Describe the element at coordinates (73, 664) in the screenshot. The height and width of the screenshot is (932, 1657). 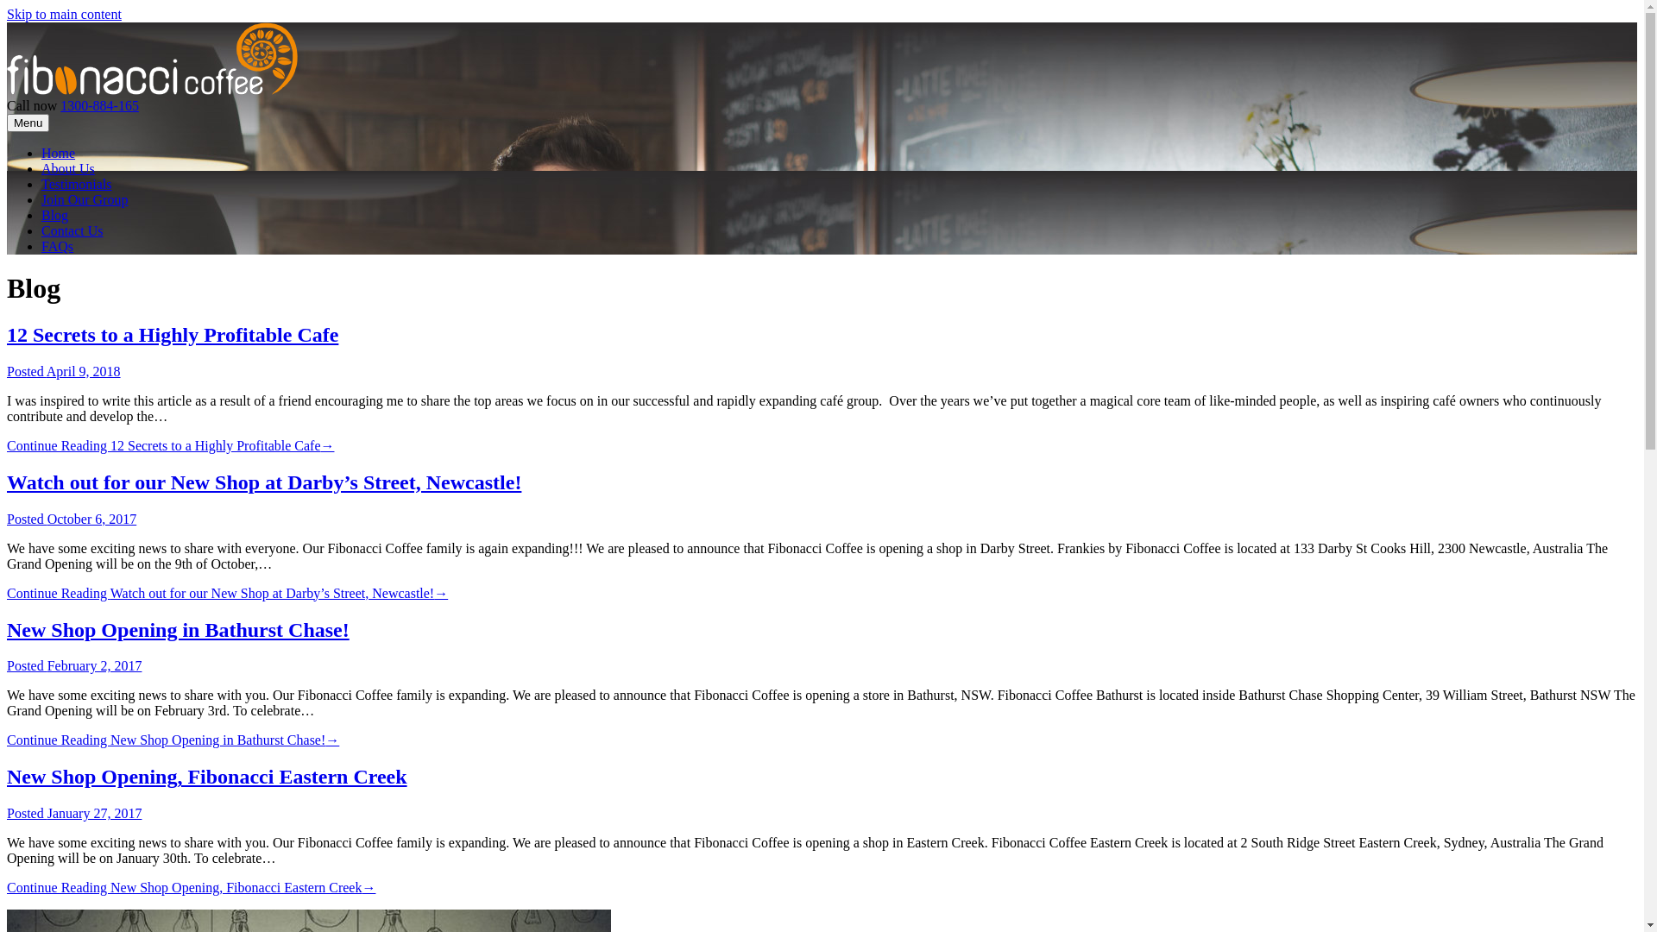
I see `'Posted February 2, 2017'` at that location.